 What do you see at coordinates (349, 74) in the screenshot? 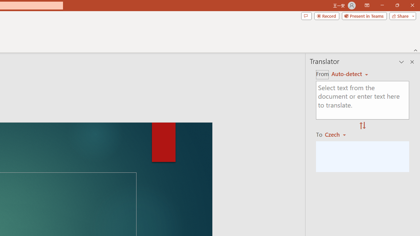
I see `'Auto-detect'` at bounding box center [349, 74].